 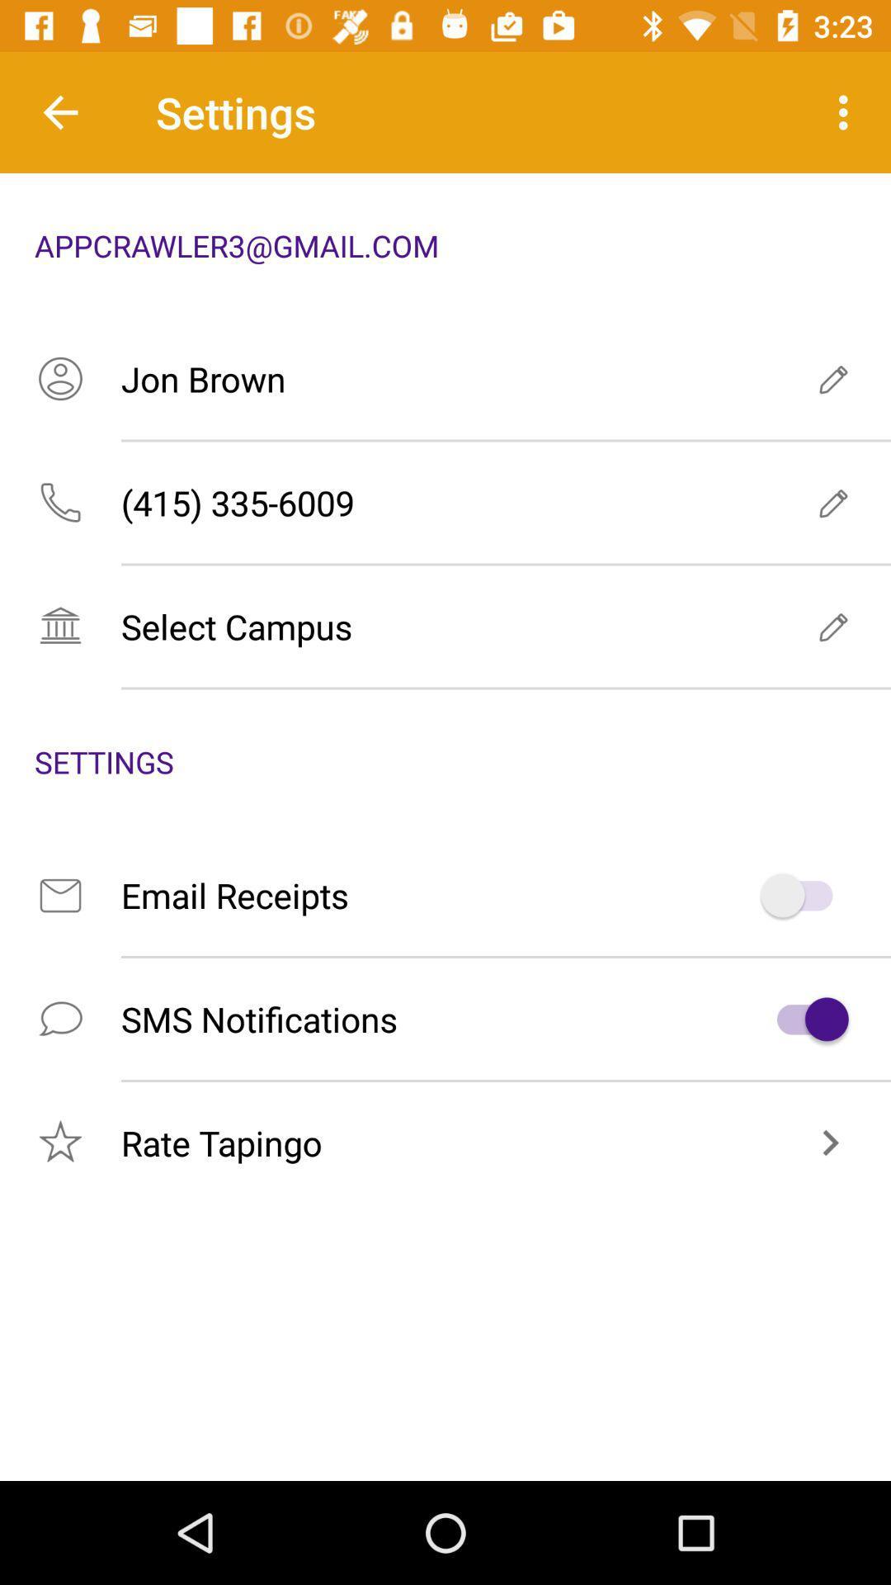 What do you see at coordinates (445, 502) in the screenshot?
I see `(415) 335-6009 item` at bounding box center [445, 502].